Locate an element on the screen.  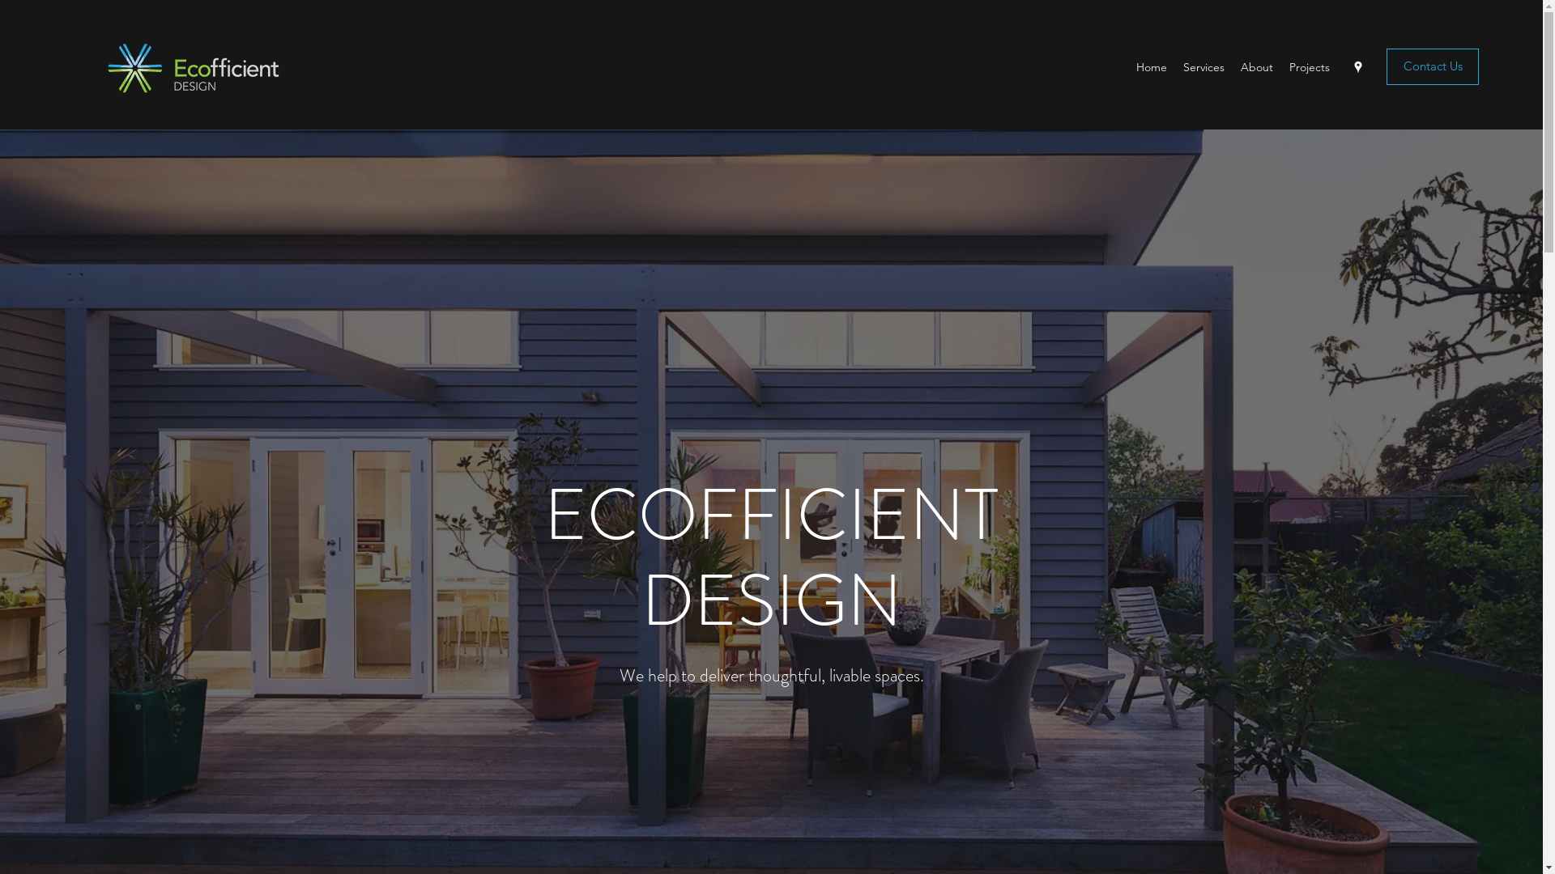
'Home' is located at coordinates (1127, 66).